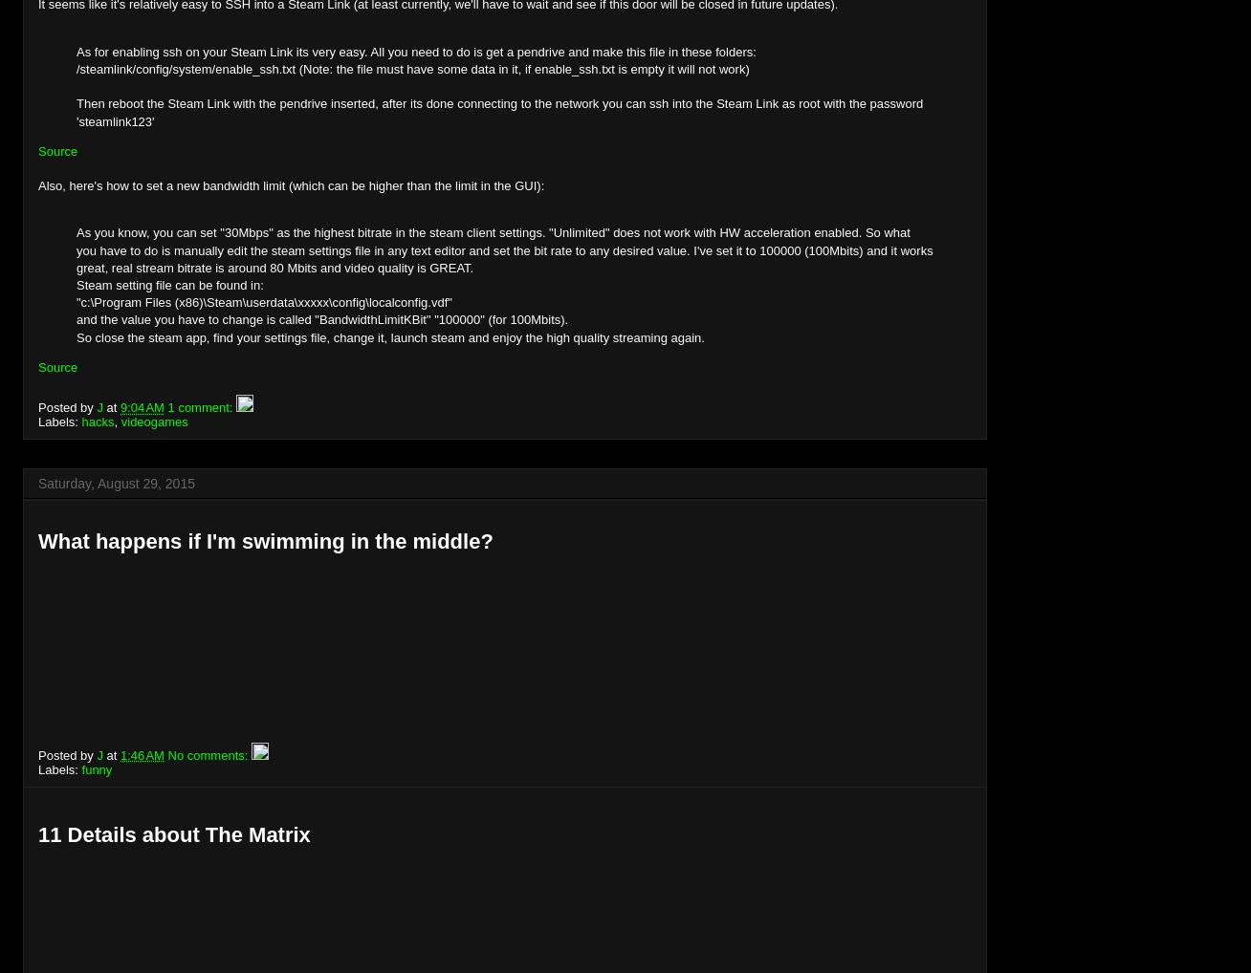 The width and height of the screenshot is (1251, 973). Describe the element at coordinates (321, 318) in the screenshot. I see `'and the value you have to change is called "BandwidthLimitKBit" "100000" (for 100Mbits).'` at that location.